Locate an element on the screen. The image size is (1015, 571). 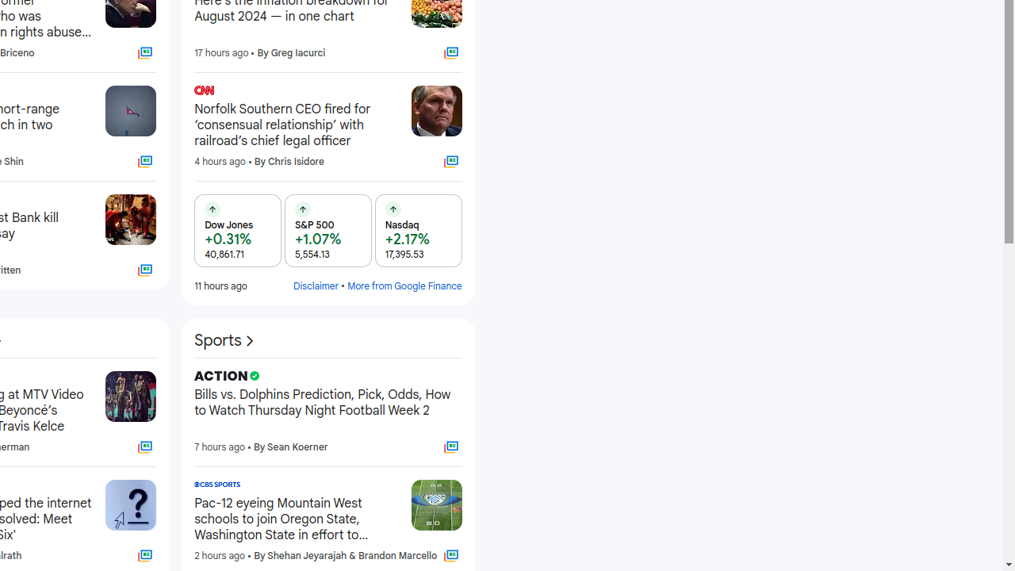
'S&P 500 +1.07% 5,554.13' is located at coordinates (327, 231).